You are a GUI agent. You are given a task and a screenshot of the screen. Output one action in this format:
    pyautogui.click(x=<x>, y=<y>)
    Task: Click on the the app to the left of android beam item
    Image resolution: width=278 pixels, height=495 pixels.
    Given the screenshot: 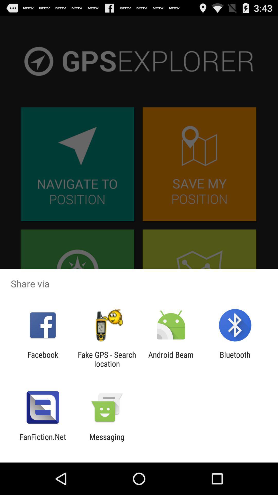 What is the action you would take?
    pyautogui.click(x=107, y=359)
    